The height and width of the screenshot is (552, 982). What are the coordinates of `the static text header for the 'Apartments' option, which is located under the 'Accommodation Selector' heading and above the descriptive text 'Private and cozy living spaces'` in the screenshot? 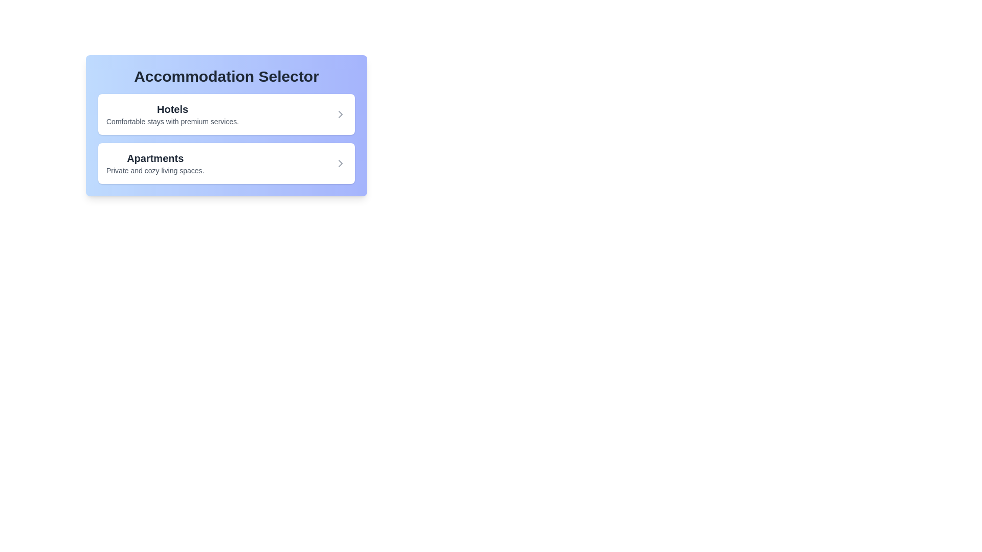 It's located at (154, 158).